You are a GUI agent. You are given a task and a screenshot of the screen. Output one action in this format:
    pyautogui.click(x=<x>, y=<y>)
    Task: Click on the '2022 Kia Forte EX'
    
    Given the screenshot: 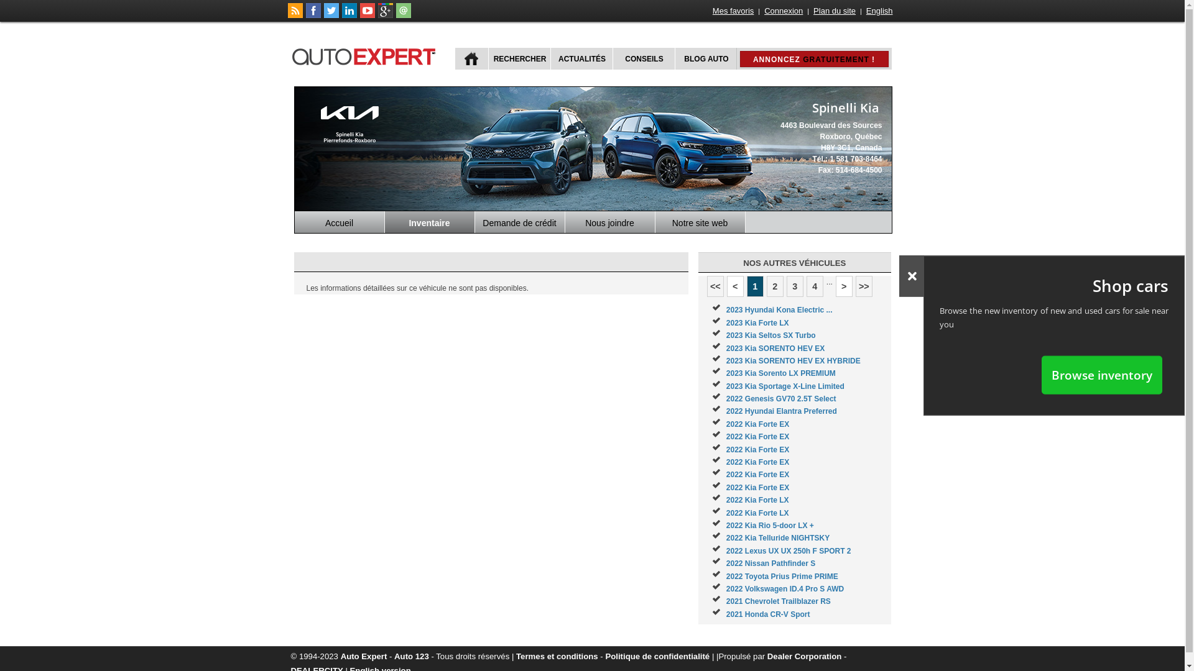 What is the action you would take?
    pyautogui.click(x=757, y=436)
    